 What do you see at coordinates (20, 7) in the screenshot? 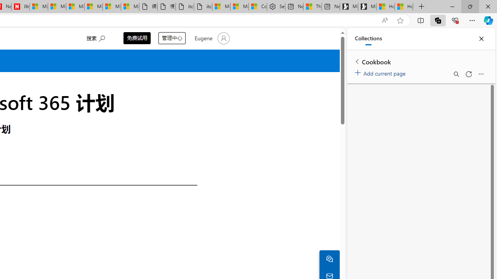
I see `'Illness news & latest pictures from Newsweek.com'` at bounding box center [20, 7].